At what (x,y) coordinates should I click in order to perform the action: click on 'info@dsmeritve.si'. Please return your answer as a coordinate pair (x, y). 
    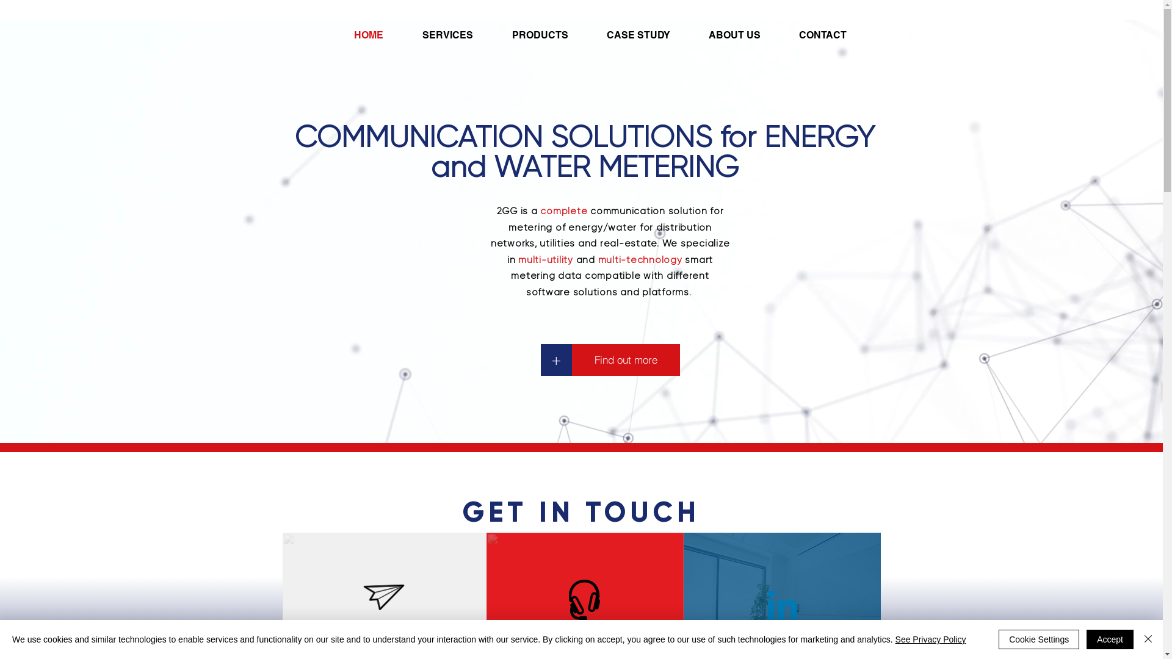
    Looking at the image, I should click on (383, 634).